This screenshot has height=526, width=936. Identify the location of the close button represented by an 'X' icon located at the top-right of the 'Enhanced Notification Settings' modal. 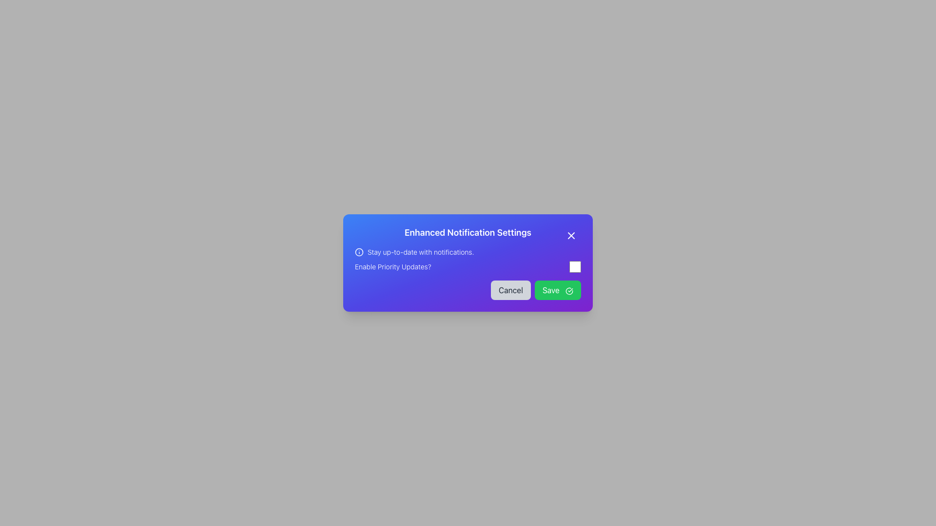
(571, 235).